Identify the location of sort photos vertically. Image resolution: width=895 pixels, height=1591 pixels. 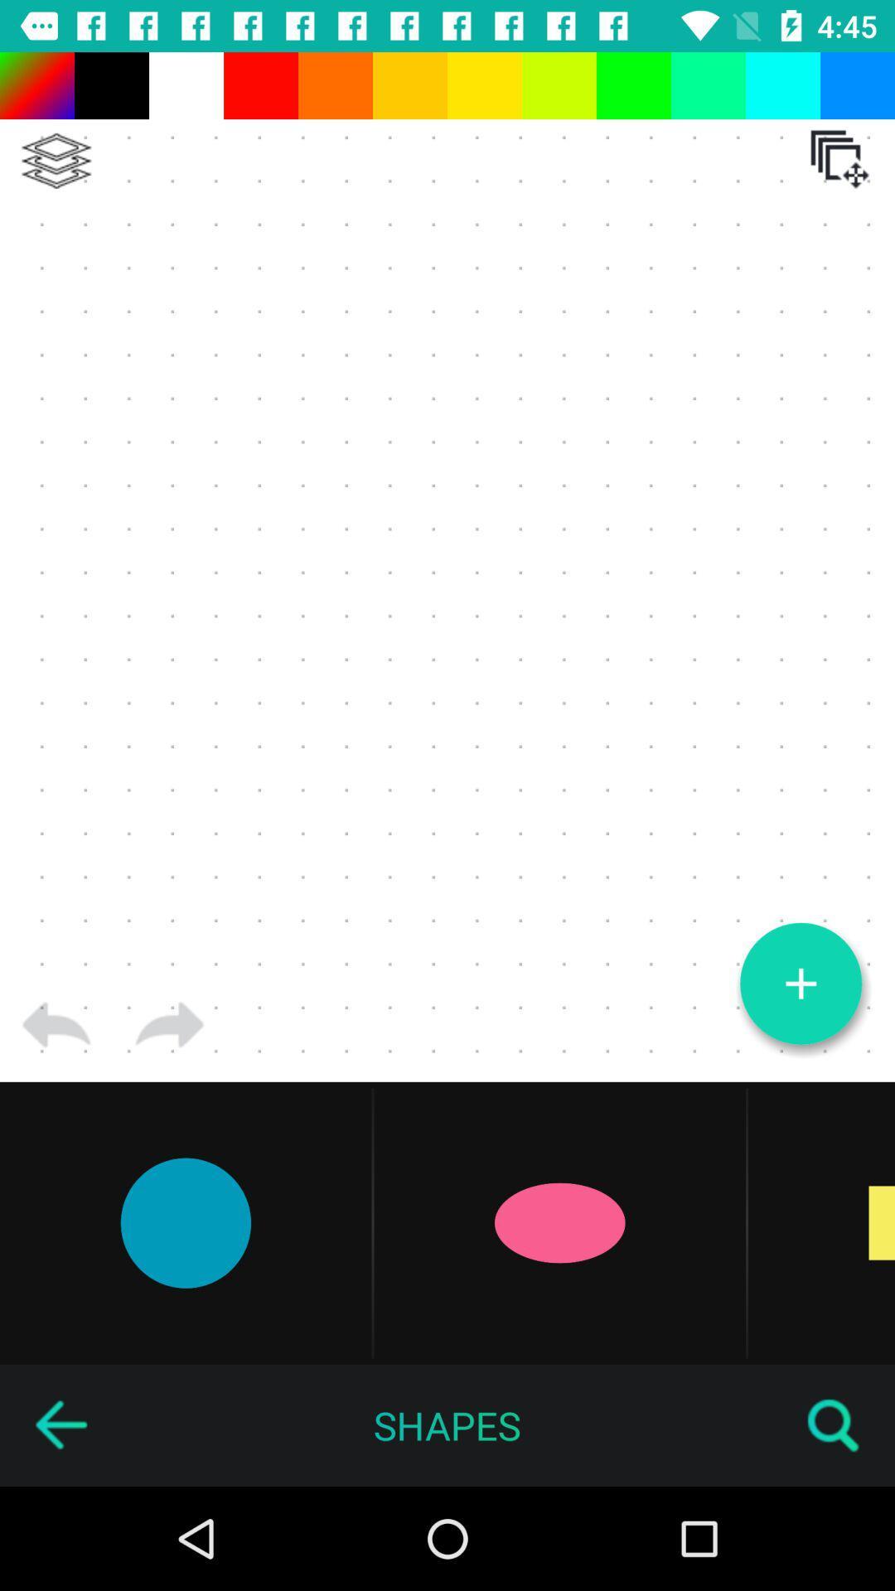
(56, 161).